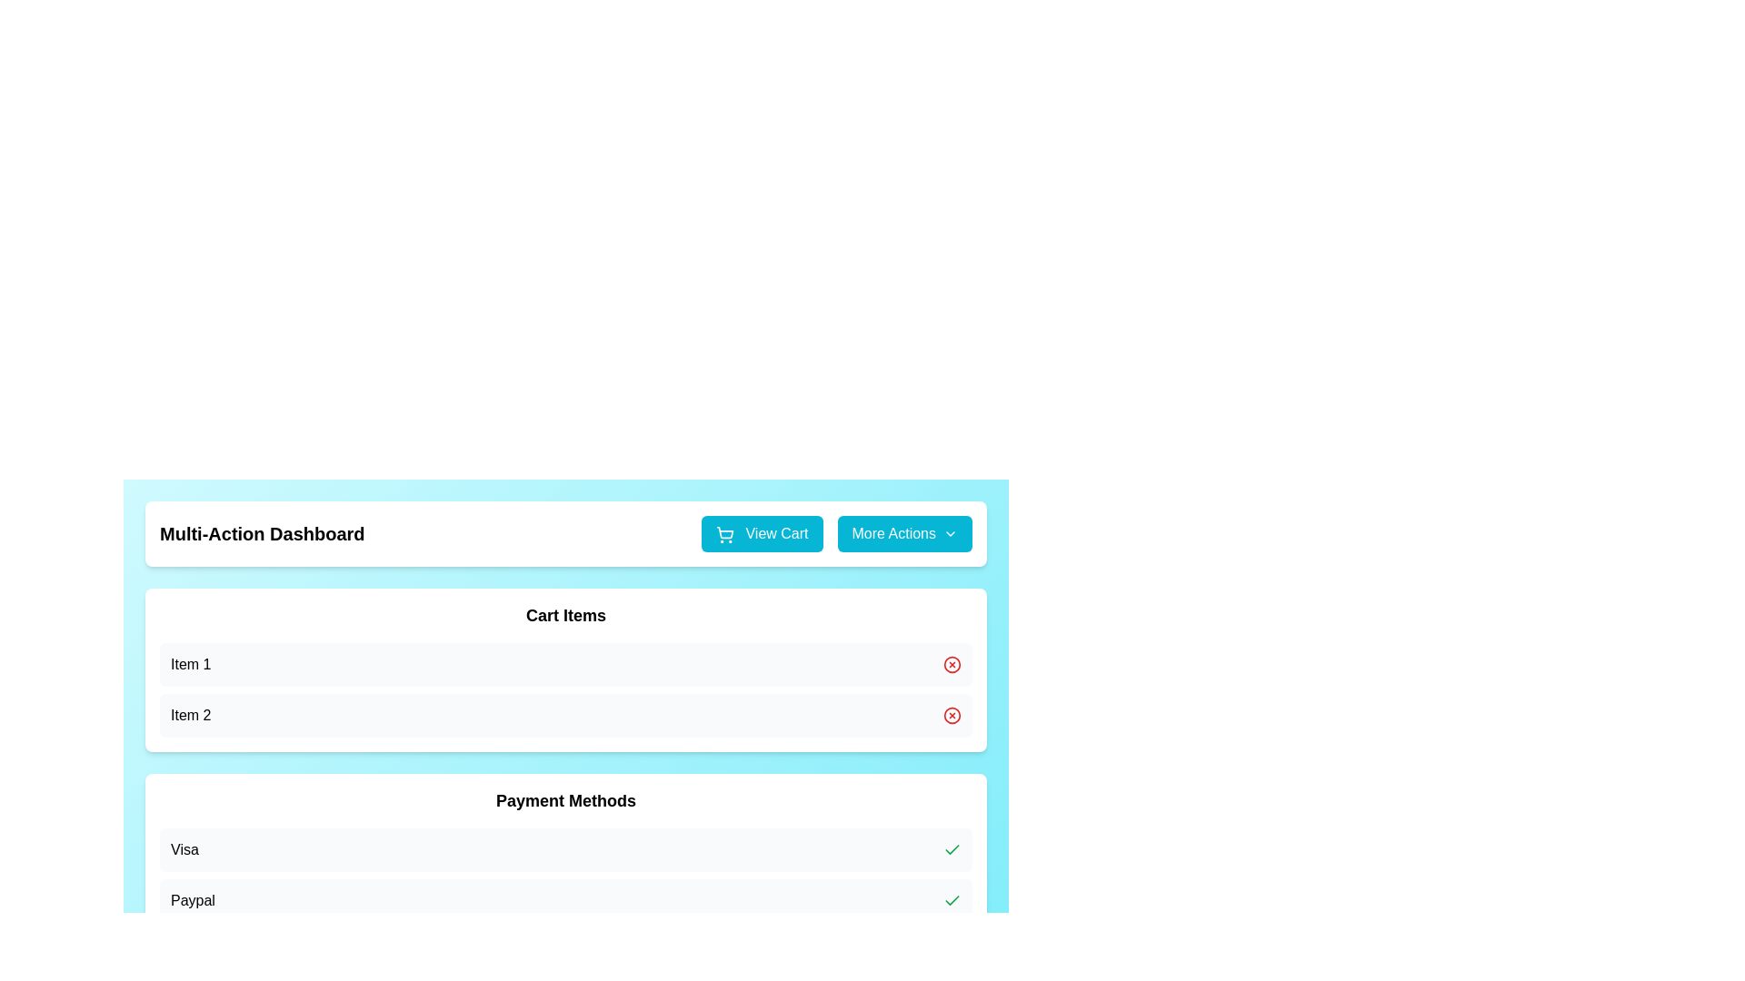  What do you see at coordinates (565, 800) in the screenshot?
I see `the text label 'Payment Methods' which is styled with a bold font and positioned at the top center of a white card section` at bounding box center [565, 800].